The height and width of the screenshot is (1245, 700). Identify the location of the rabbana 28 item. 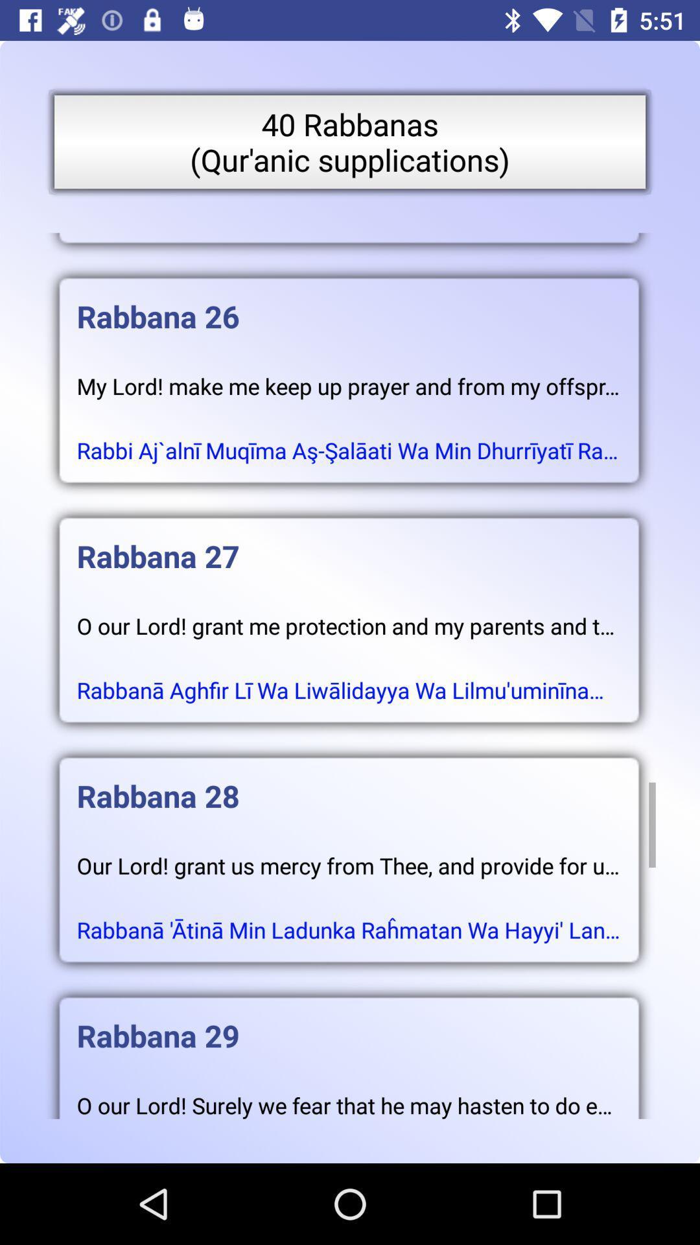
(348, 782).